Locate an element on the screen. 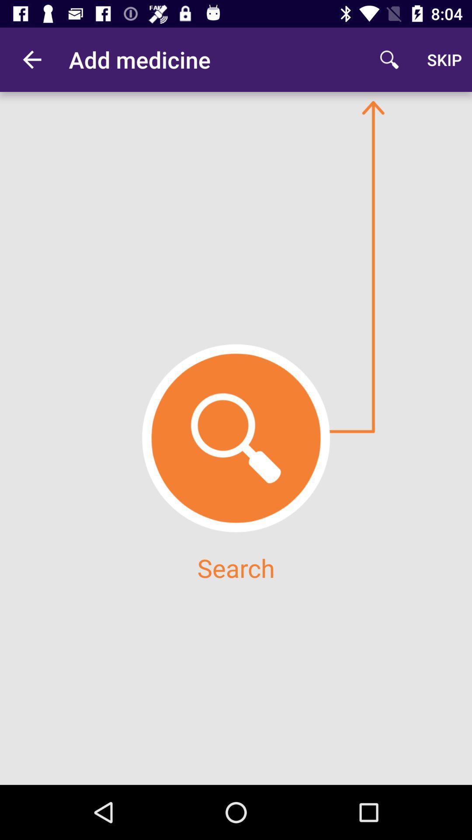 This screenshot has height=840, width=472. the item to the left of the skip is located at coordinates (389, 59).